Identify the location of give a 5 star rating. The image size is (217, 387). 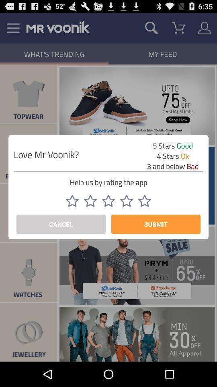
(144, 200).